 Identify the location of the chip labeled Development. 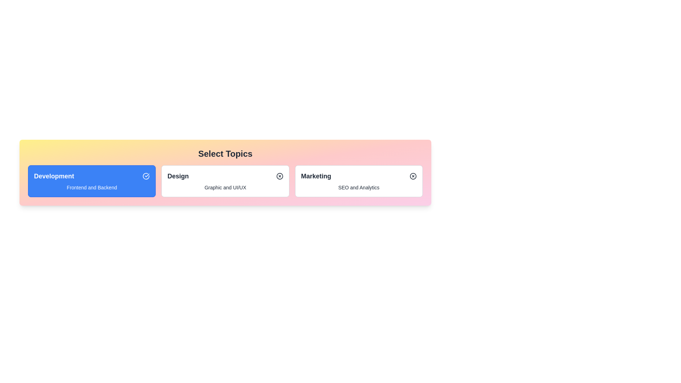
(92, 181).